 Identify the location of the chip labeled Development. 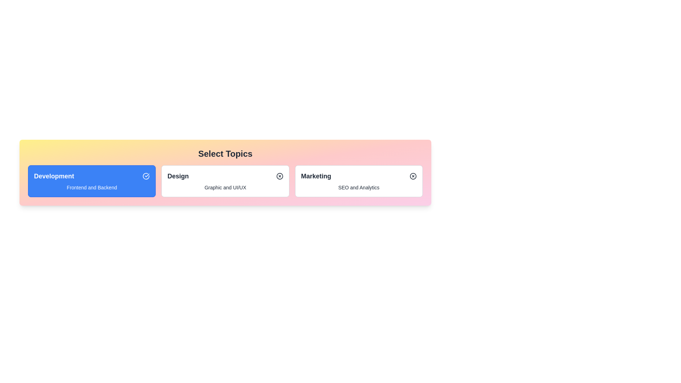
(92, 181).